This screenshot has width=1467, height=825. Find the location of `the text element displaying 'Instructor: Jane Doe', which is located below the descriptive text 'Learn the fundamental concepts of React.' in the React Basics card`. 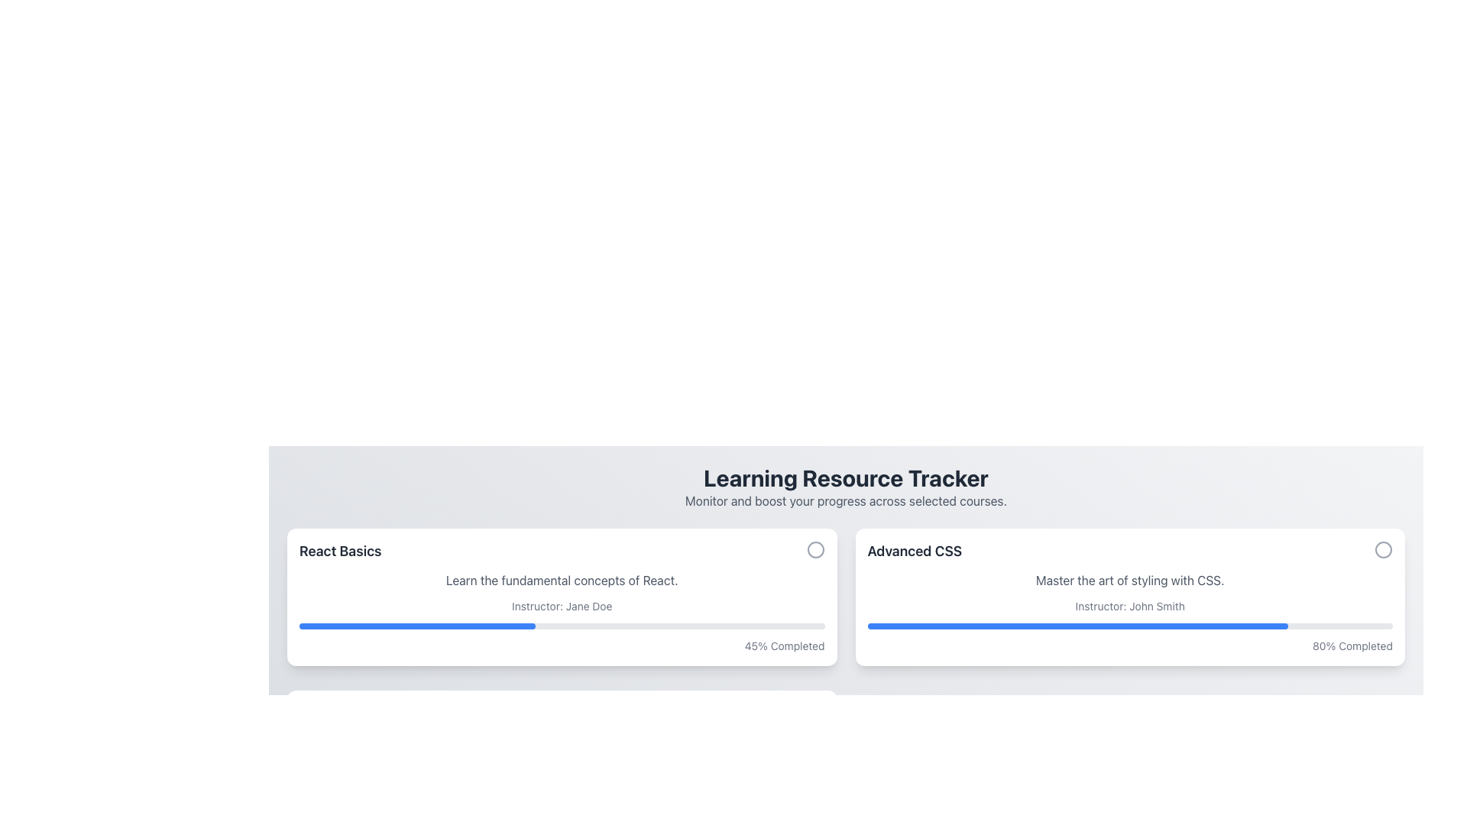

the text element displaying 'Instructor: Jane Doe', which is located below the descriptive text 'Learn the fundamental concepts of React.' in the React Basics card is located at coordinates (561, 606).